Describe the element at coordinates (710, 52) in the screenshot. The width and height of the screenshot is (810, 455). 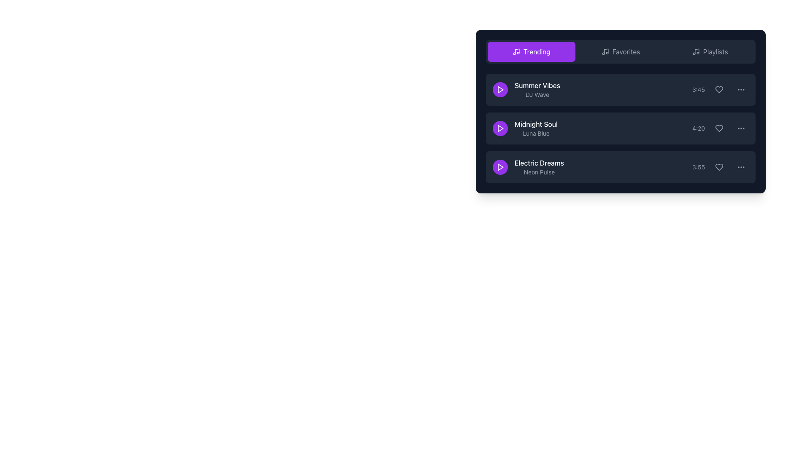
I see `the 'playlists' Menu button, which is the third item in the horizontal menu bar at the top of the panel` at that location.